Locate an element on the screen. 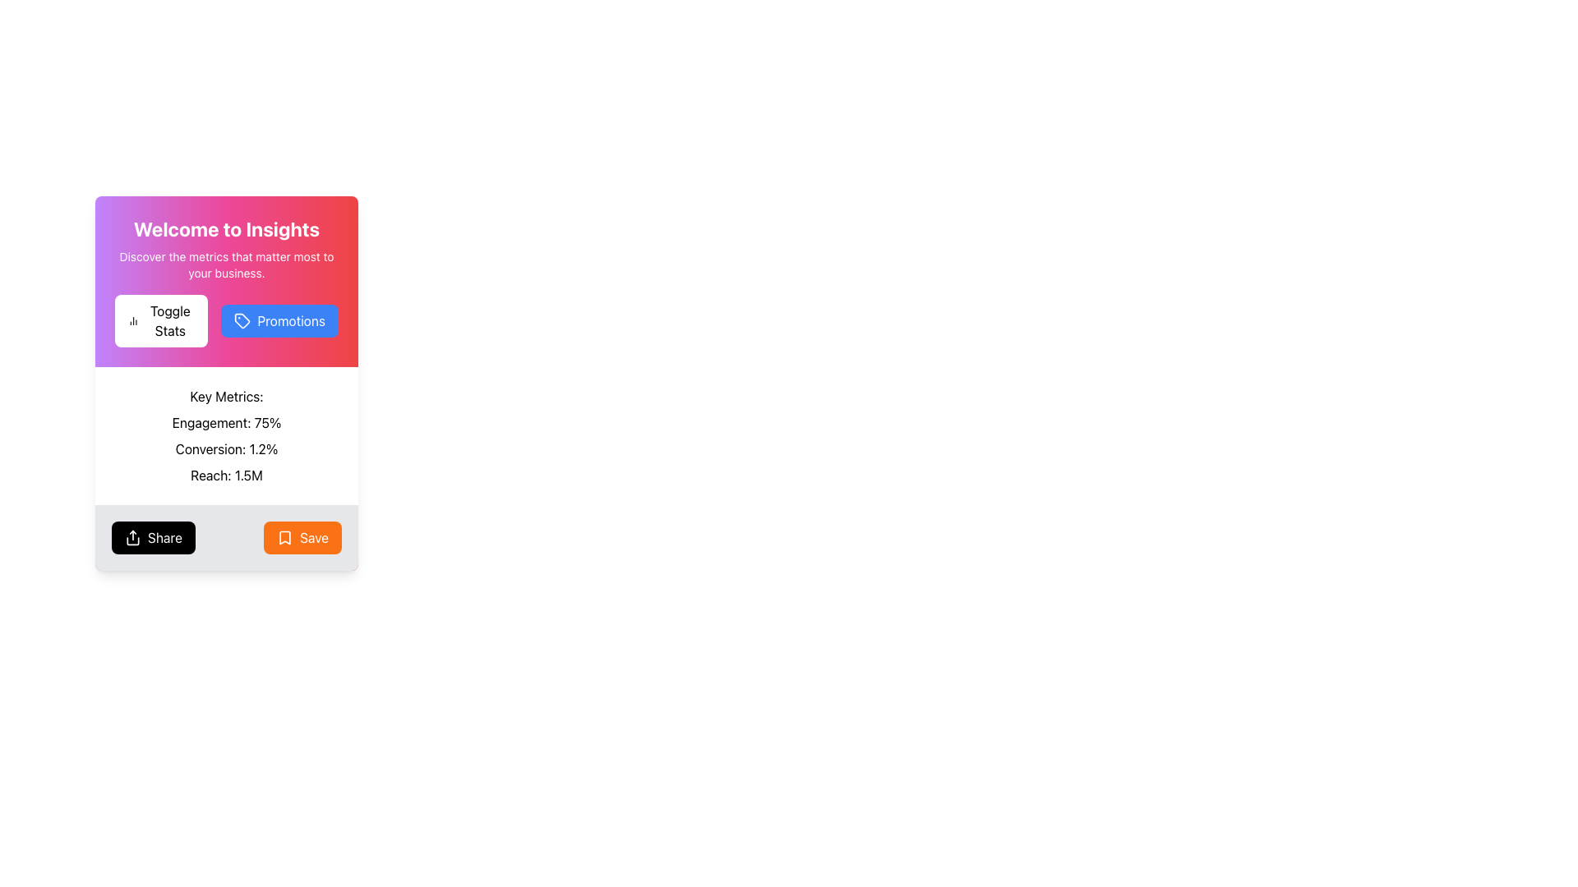 Image resolution: width=1578 pixels, height=887 pixels. the informational Text display component that presents statistical data about 'Engagement', 'Conversion', and 'Reach' located below the 'Key Metrics:' heading is located at coordinates (225, 449).